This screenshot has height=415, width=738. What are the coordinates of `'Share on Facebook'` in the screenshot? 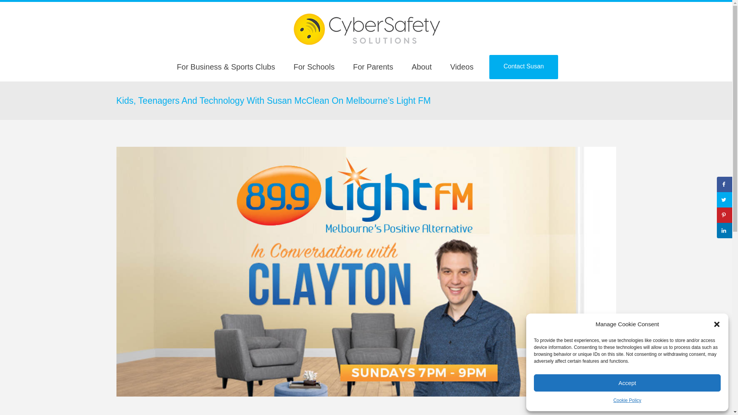 It's located at (724, 184).